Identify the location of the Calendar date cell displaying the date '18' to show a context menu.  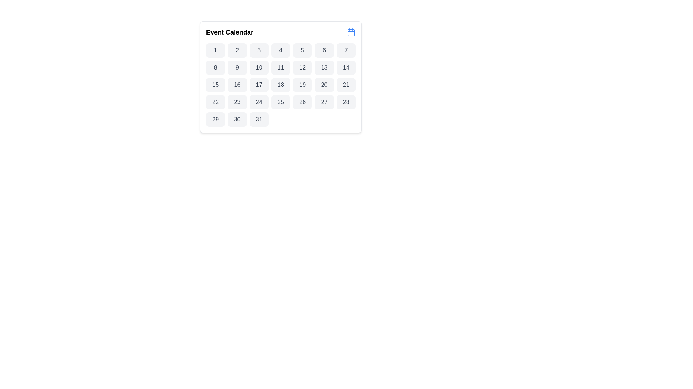
(280, 84).